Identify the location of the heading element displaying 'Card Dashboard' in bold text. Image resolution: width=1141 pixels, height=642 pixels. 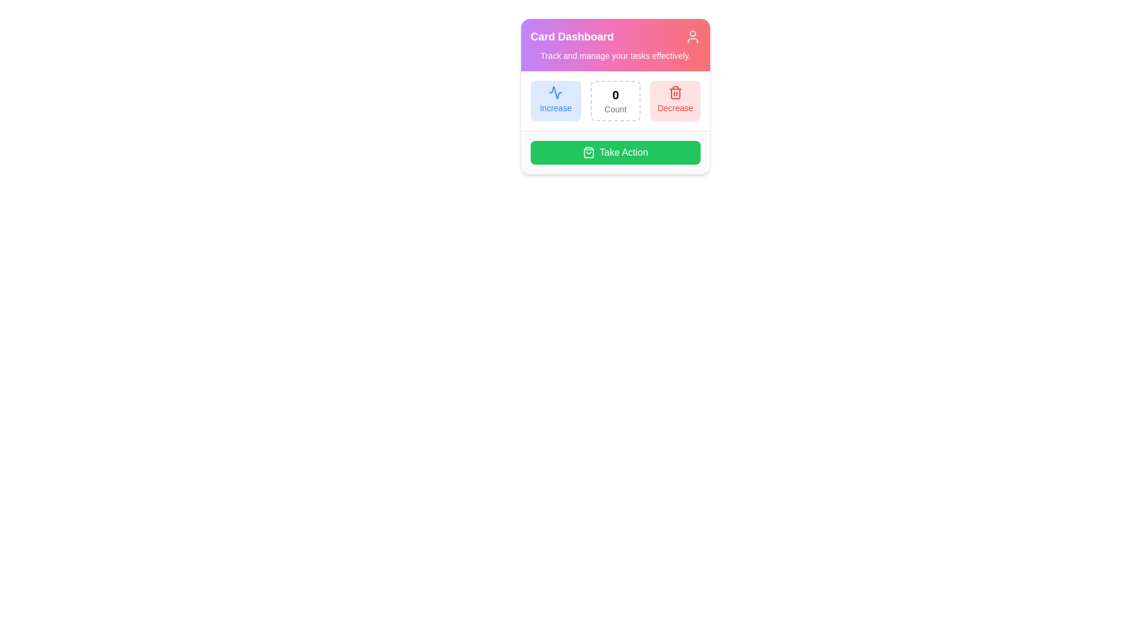
(572, 36).